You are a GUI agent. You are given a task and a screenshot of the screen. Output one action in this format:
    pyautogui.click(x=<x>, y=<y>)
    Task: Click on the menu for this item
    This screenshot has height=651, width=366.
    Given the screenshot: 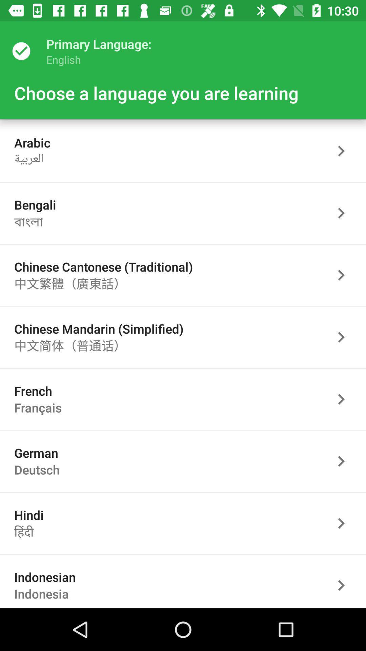 What is the action you would take?
    pyautogui.click(x=345, y=523)
    